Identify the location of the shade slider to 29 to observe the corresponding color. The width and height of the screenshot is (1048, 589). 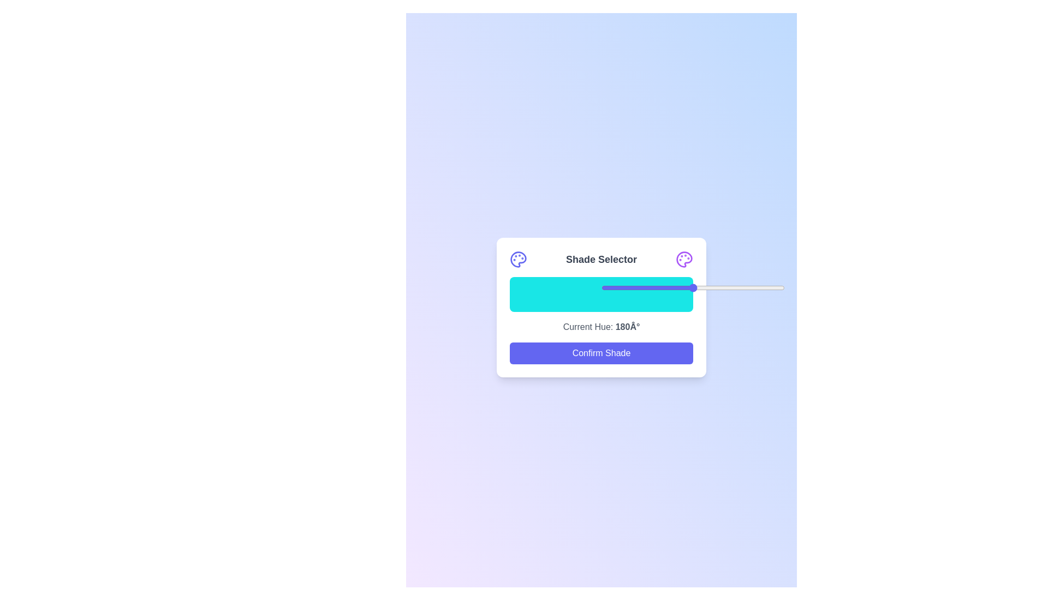
(563, 294).